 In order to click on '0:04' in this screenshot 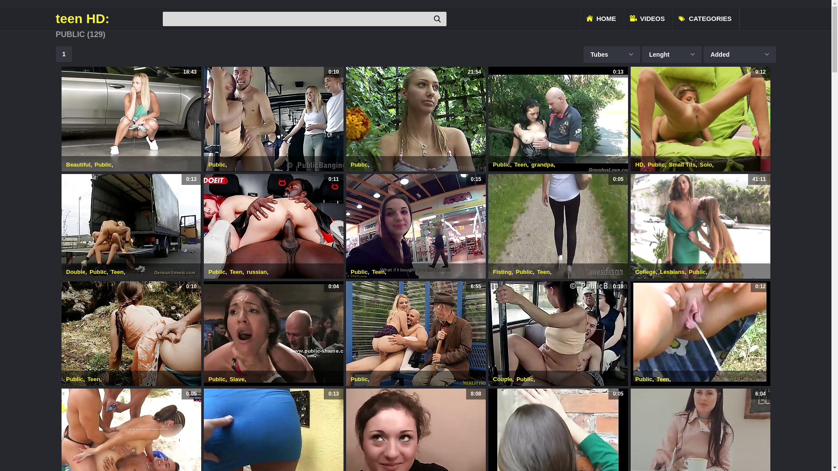, I will do `click(272, 333)`.